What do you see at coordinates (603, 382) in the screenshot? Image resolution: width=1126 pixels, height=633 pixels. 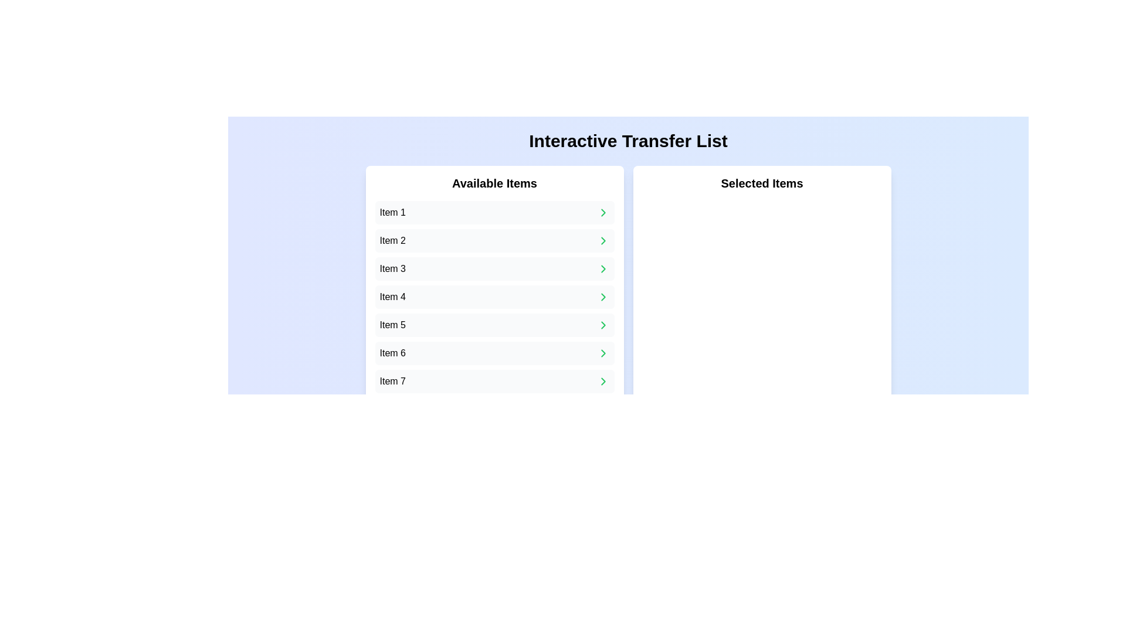 I see `the rightmost arrow-shaped icon button inside the card for 'Item 7' in the 'Available Items' list to change its visual style` at bounding box center [603, 382].